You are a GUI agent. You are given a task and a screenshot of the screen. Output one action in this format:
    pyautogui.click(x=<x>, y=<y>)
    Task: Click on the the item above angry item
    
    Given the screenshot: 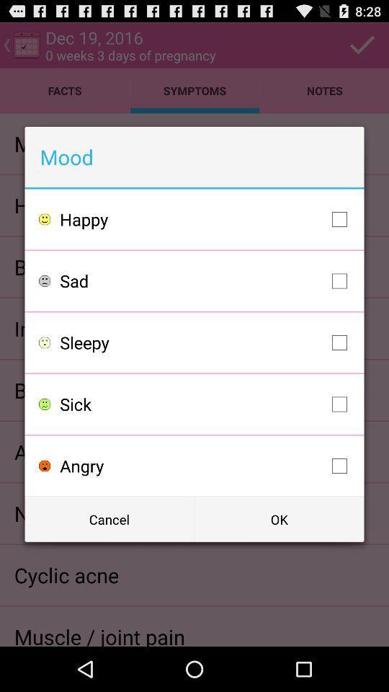 What is the action you would take?
    pyautogui.click(x=206, y=404)
    